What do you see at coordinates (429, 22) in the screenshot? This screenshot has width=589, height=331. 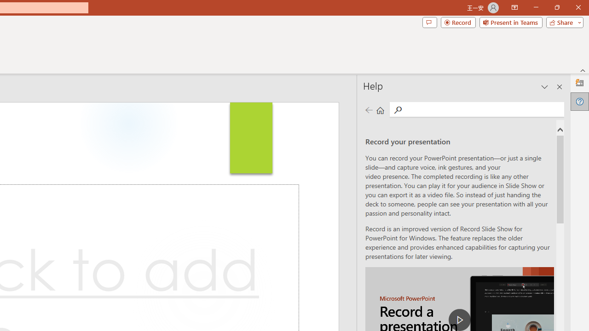 I see `'Comments'` at bounding box center [429, 22].